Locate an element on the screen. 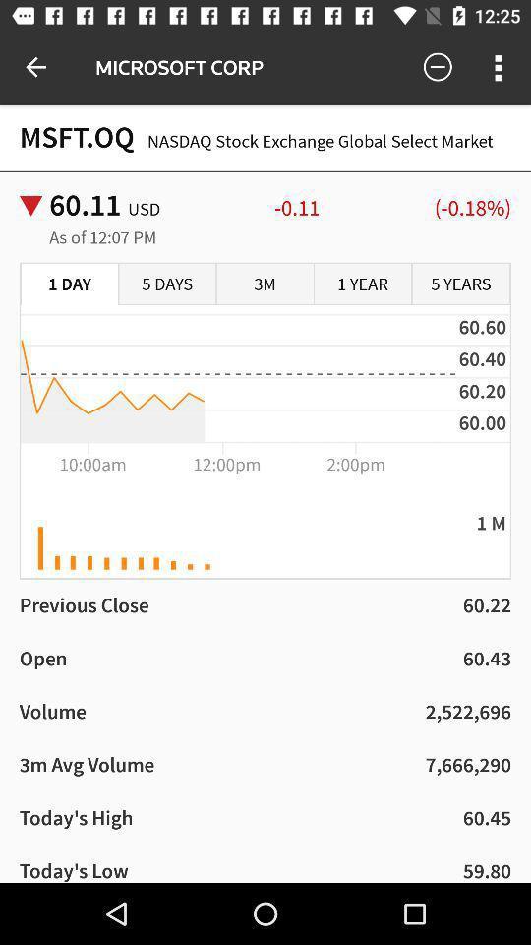 The width and height of the screenshot is (531, 945). 1 day icon is located at coordinates (69, 283).